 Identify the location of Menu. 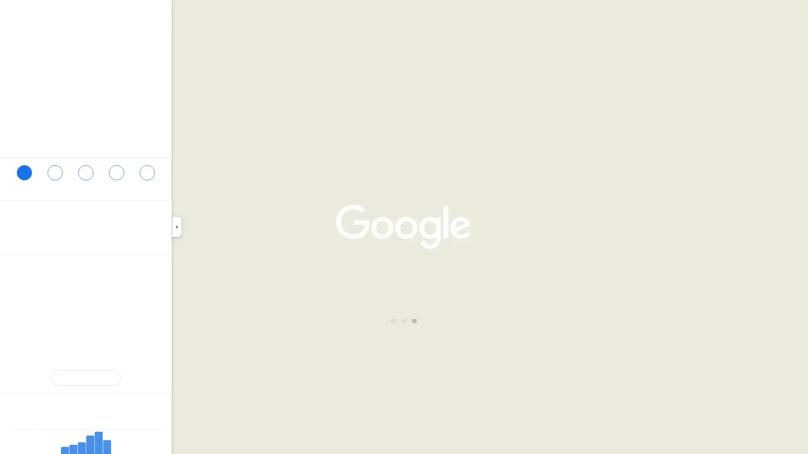
(15, 14).